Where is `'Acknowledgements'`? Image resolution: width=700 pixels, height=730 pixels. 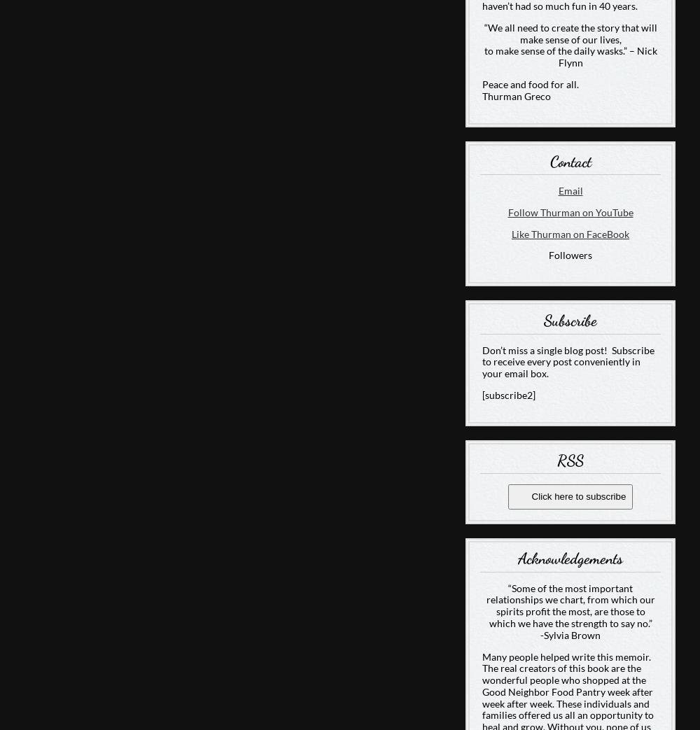
'Acknowledgements' is located at coordinates (570, 557).